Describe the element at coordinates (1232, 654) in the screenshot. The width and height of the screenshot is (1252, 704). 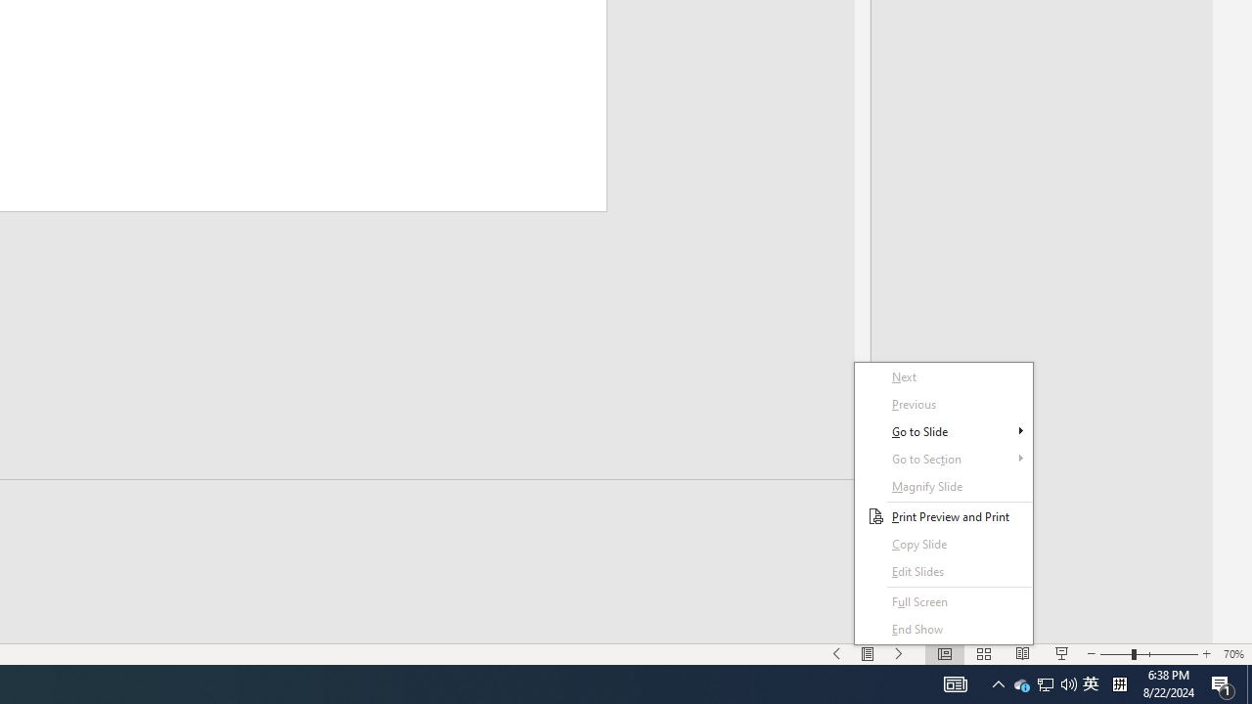
I see `'Zoom 70%'` at that location.